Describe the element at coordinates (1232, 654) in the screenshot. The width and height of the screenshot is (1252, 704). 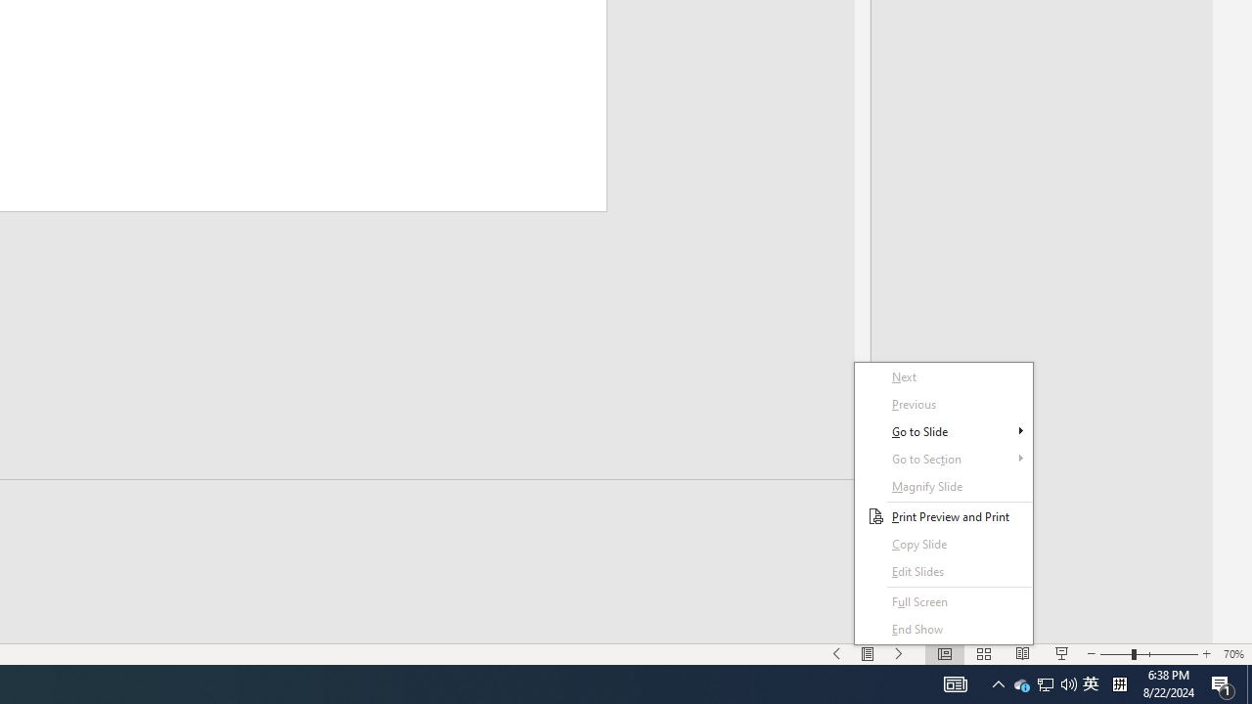
I see `'Zoom 70%'` at that location.